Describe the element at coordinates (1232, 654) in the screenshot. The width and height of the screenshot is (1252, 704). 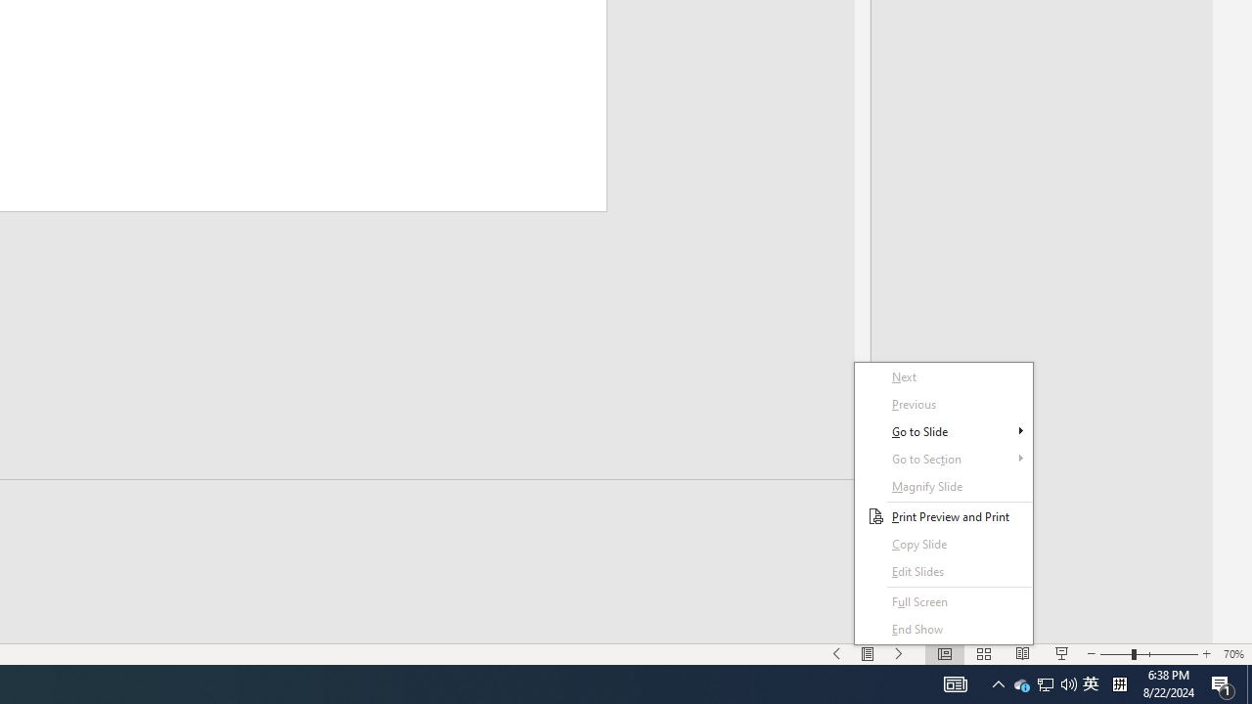
I see `'Zoom 70%'` at that location.